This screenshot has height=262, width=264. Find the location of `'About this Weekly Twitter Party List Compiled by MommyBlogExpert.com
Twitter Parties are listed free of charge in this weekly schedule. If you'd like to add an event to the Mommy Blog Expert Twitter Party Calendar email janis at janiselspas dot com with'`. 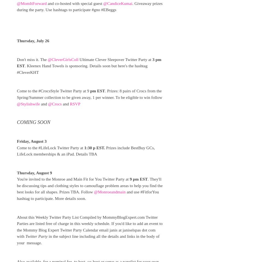

'About this Weekly Twitter Party List Compiled by MommyBlogExpert.com
Twitter Parties are listed free of charge in this weekly schedule. If you'd like to add an event to the Mommy Blog Expert Twitter Party Calendar email janis at janiselspas dot com with' is located at coordinates (90, 227).